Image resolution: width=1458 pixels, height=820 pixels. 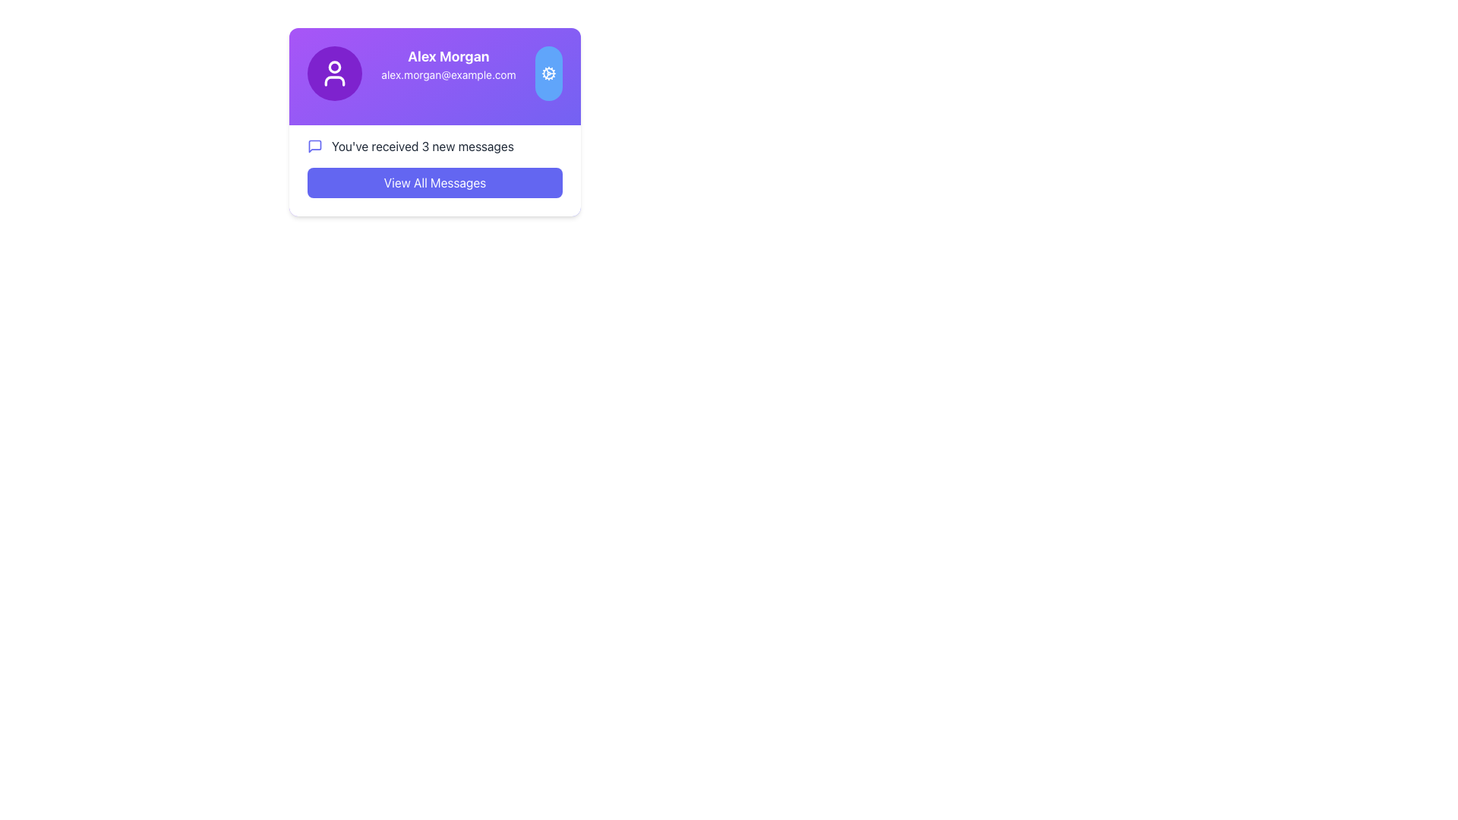 What do you see at coordinates (434, 181) in the screenshot?
I see `the button located below the text 'You've received 3 new messages' to observe its hover effect` at bounding box center [434, 181].